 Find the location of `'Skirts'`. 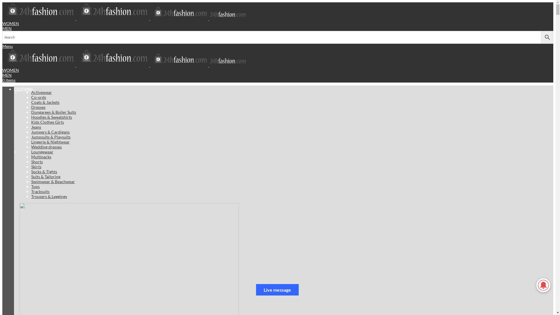

'Skirts' is located at coordinates (36, 166).